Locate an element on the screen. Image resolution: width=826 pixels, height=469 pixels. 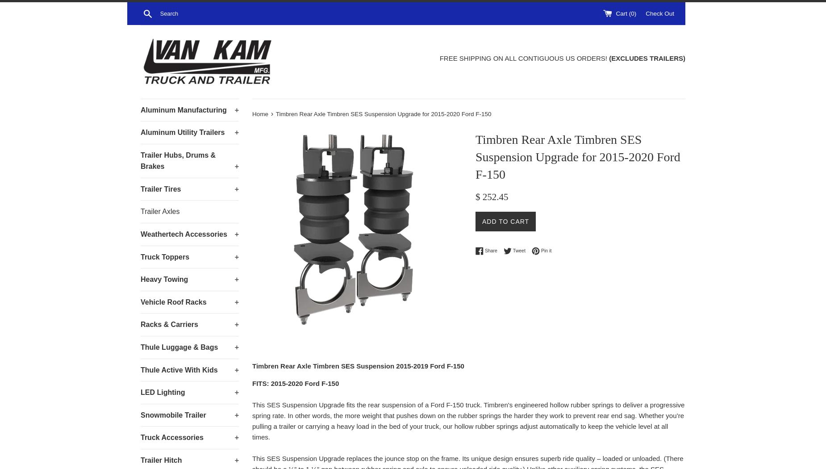
'Timbren Rear Axle Timbren SES Suspension 2015-2019 Ford F-150' is located at coordinates (358, 365).